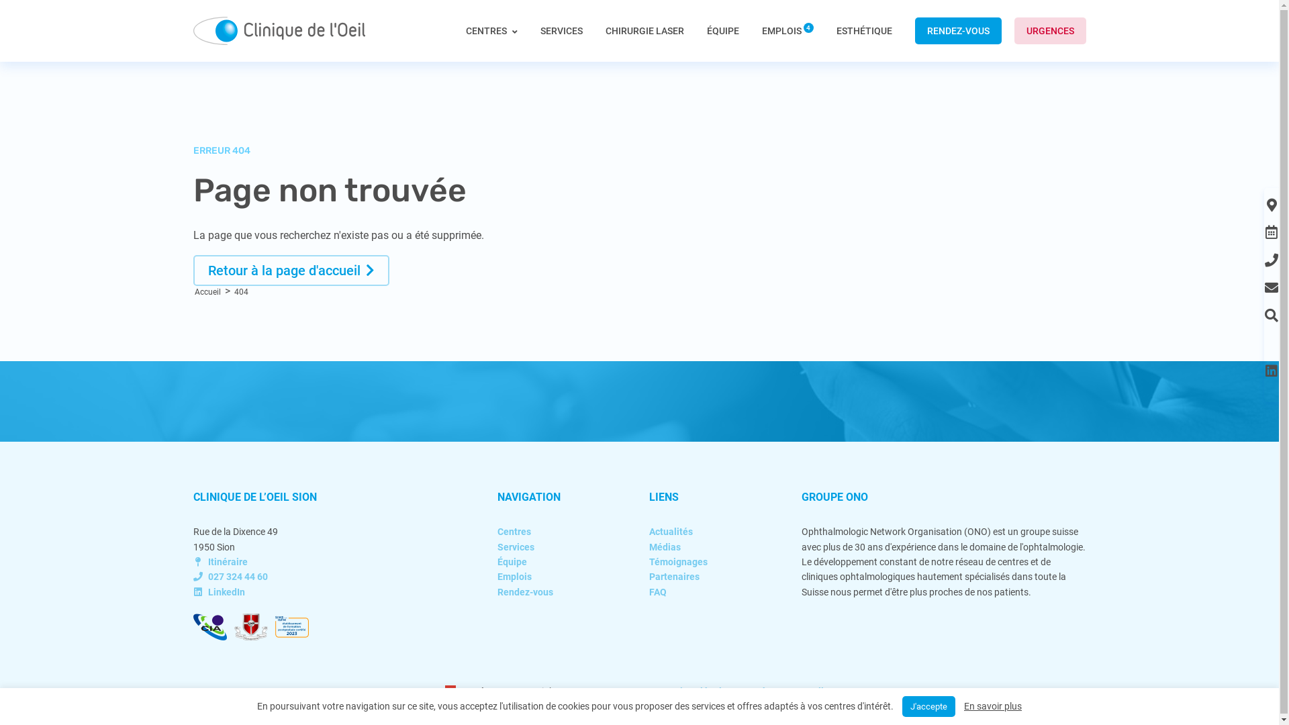  What do you see at coordinates (491, 42) in the screenshot?
I see `'CENTRES'` at bounding box center [491, 42].